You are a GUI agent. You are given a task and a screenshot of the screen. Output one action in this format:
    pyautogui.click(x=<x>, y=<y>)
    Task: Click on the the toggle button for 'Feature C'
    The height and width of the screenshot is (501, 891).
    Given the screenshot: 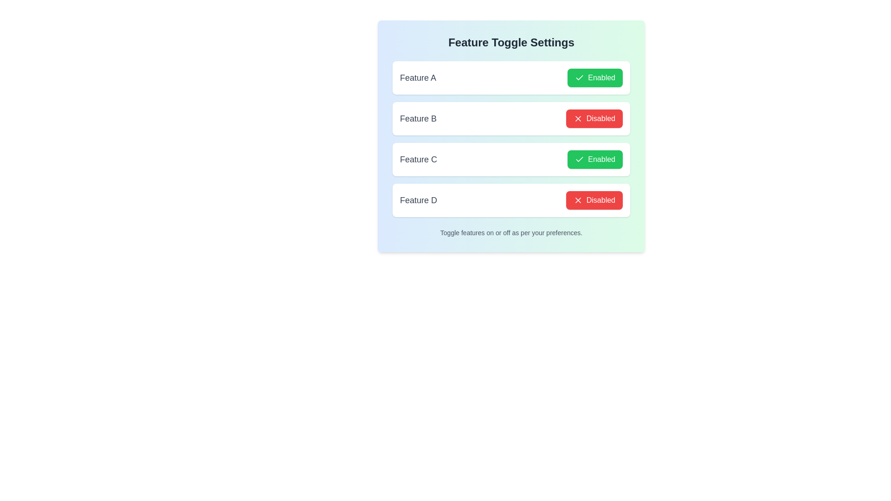 What is the action you would take?
    pyautogui.click(x=595, y=159)
    